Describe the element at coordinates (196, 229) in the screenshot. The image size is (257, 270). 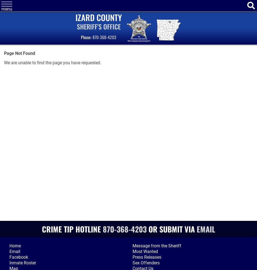
I see `'Email'` at that location.